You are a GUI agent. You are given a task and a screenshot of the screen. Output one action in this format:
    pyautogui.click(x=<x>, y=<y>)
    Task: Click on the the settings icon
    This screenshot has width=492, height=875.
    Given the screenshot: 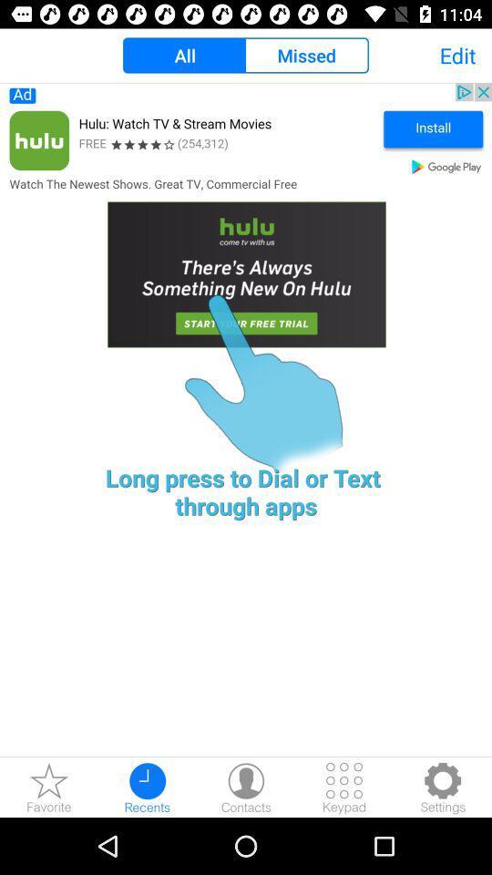 What is the action you would take?
    pyautogui.click(x=442, y=787)
    